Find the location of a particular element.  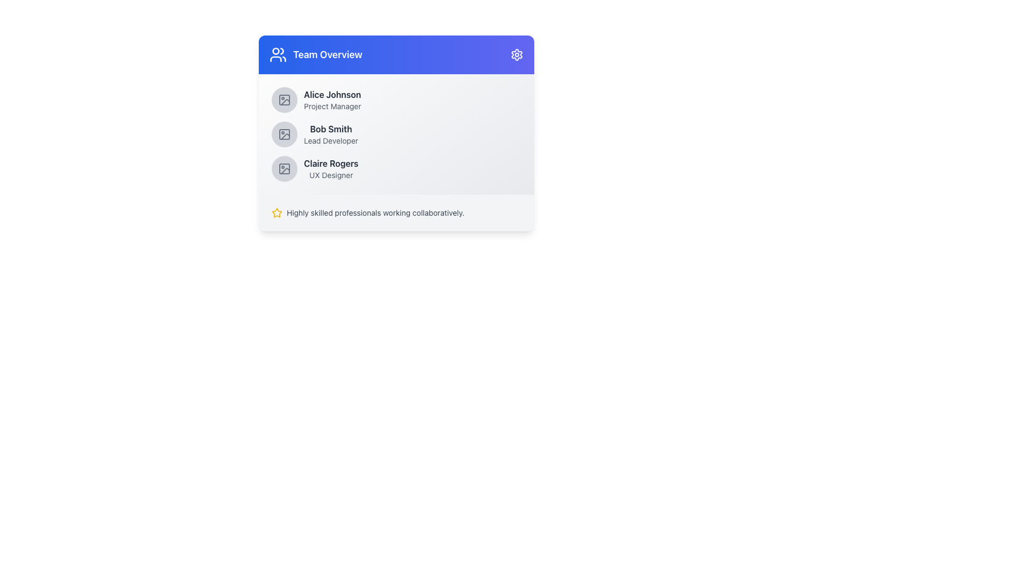

text label displaying 'Bob Smith', which is in bold dark gray font, positioned above the role 'Lead Developer' in the Team Overview list is located at coordinates (330, 128).